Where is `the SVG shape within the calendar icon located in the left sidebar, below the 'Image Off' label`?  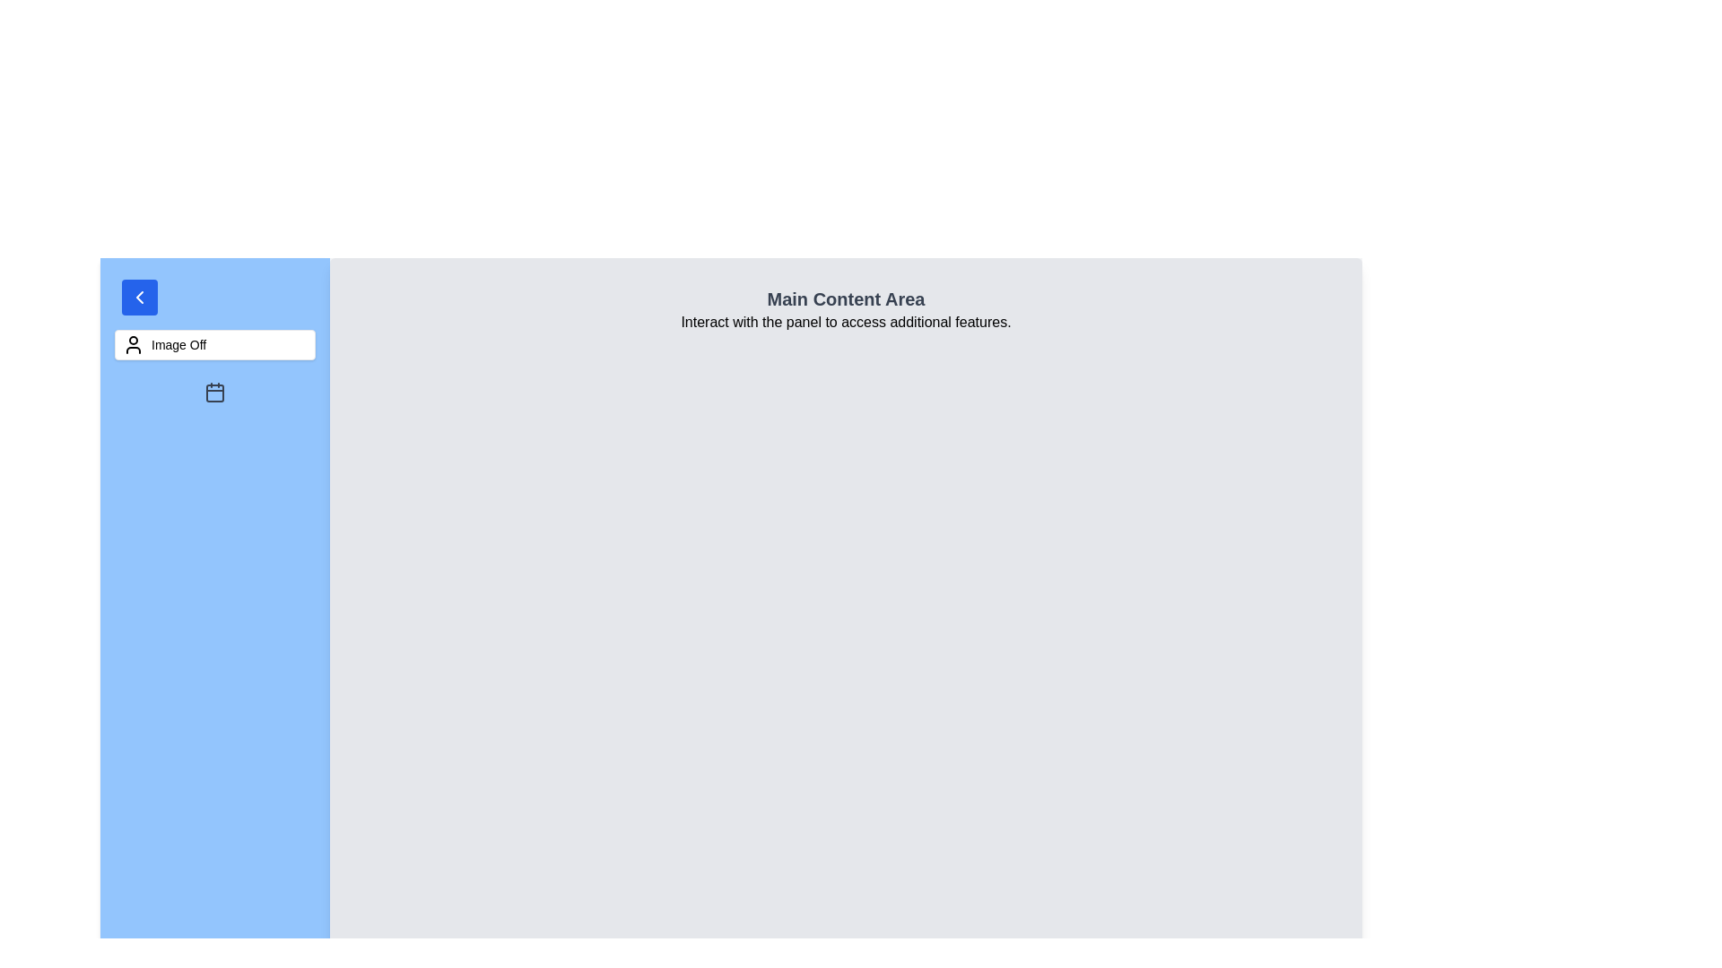
the SVG shape within the calendar icon located in the left sidebar, below the 'Image Off' label is located at coordinates (215, 393).